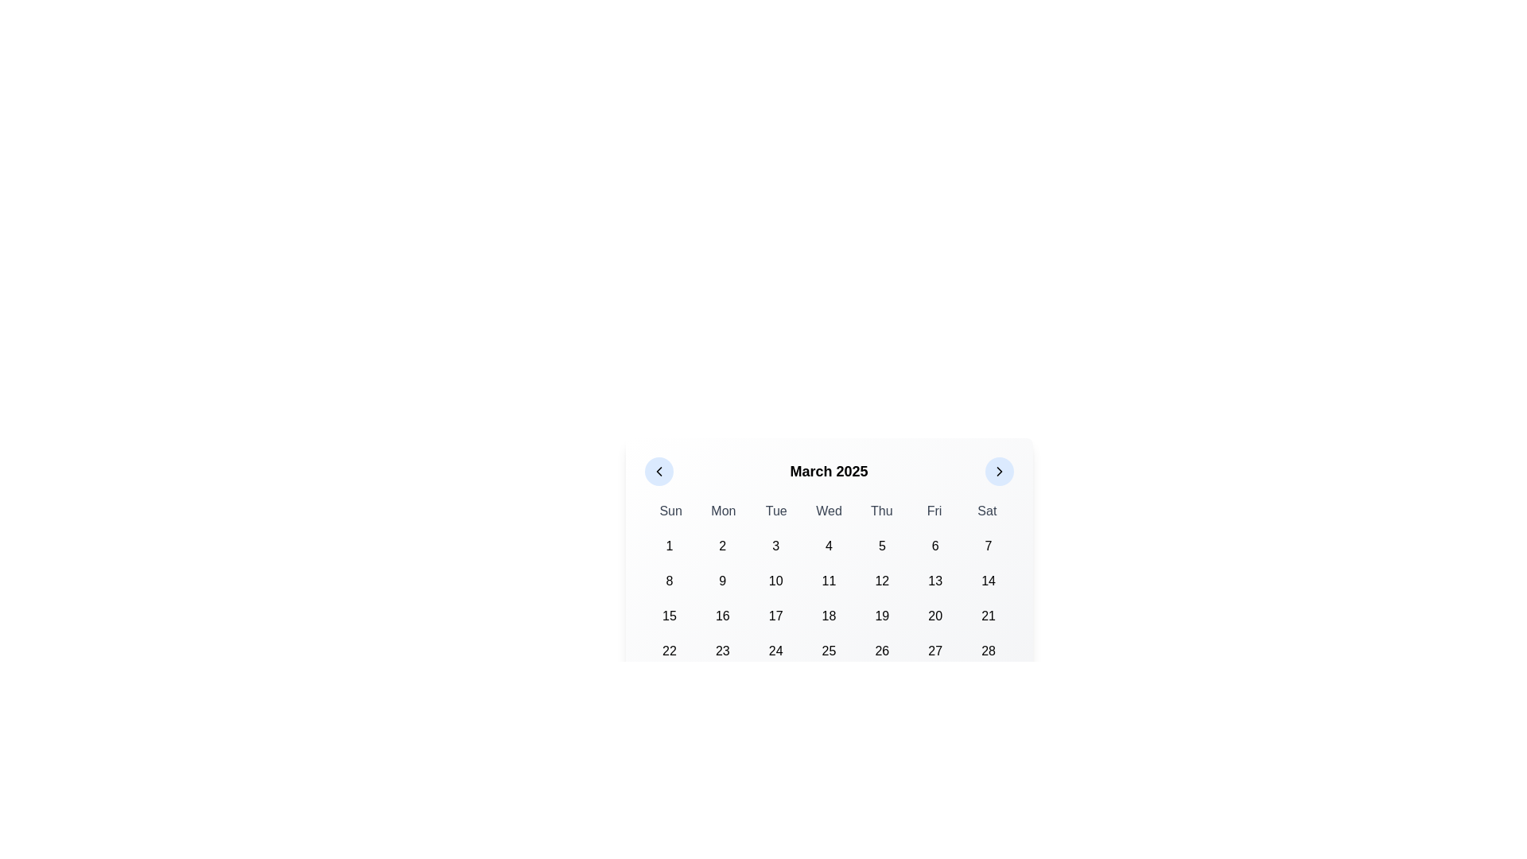 This screenshot has width=1527, height=859. I want to click on the circular button with the number '10' in bold text located in the calendar grid under 'March 2025', so click(775, 581).